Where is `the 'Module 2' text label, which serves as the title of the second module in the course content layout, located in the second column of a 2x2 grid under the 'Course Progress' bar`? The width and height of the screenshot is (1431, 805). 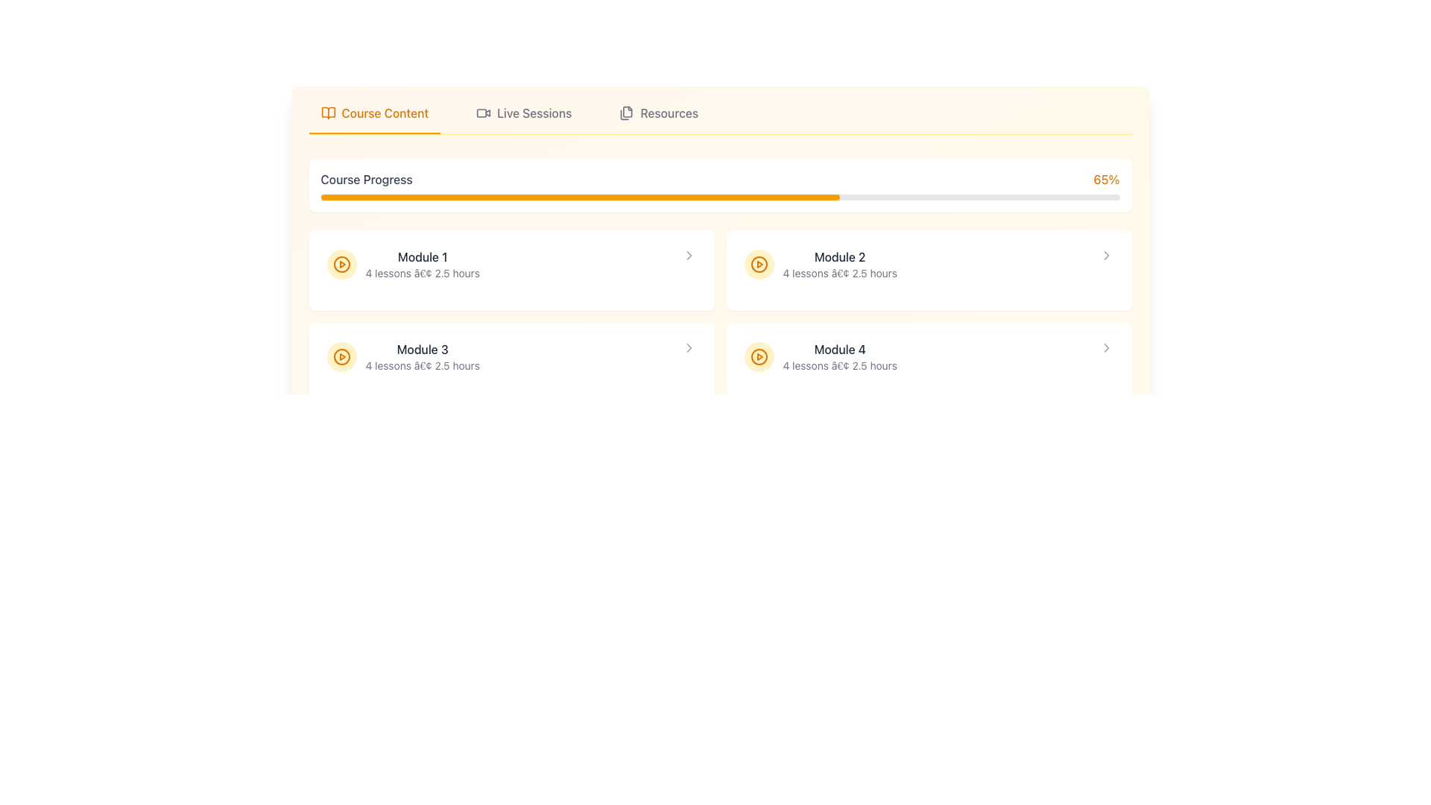
the 'Module 2' text label, which serves as the title of the second module in the course content layout, located in the second column of a 2x2 grid under the 'Course Progress' bar is located at coordinates (840, 256).